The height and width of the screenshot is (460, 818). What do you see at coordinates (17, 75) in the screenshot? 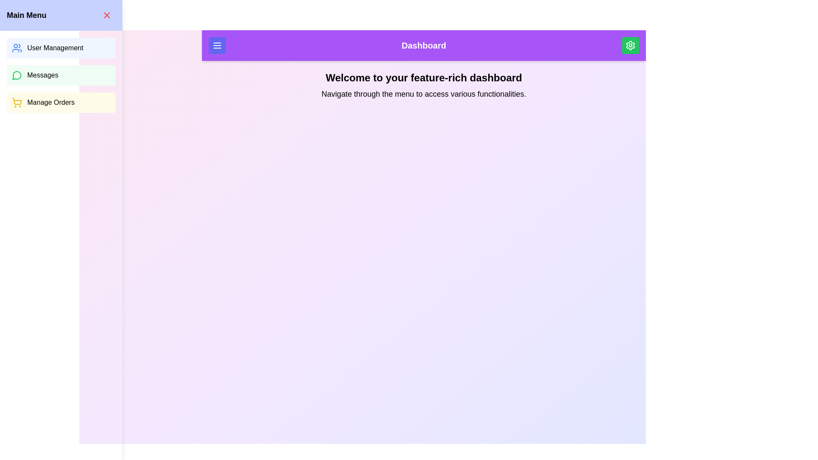
I see `the speech bubble icon with a green outline located in the 'Messages' menu option, which represents communication or conversations` at bounding box center [17, 75].